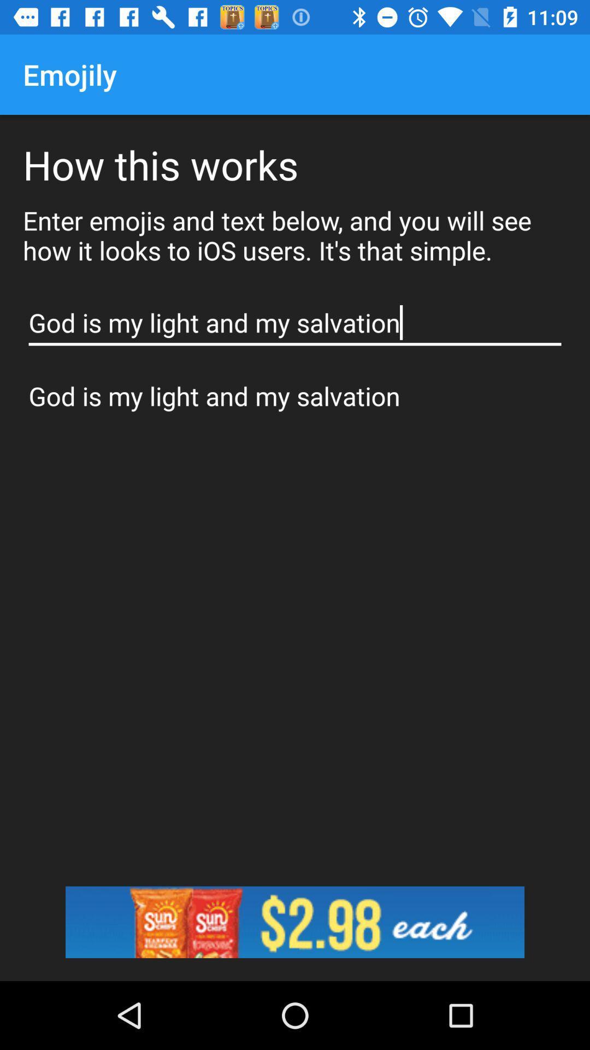 This screenshot has height=1050, width=590. I want to click on advertisement, so click(295, 921).